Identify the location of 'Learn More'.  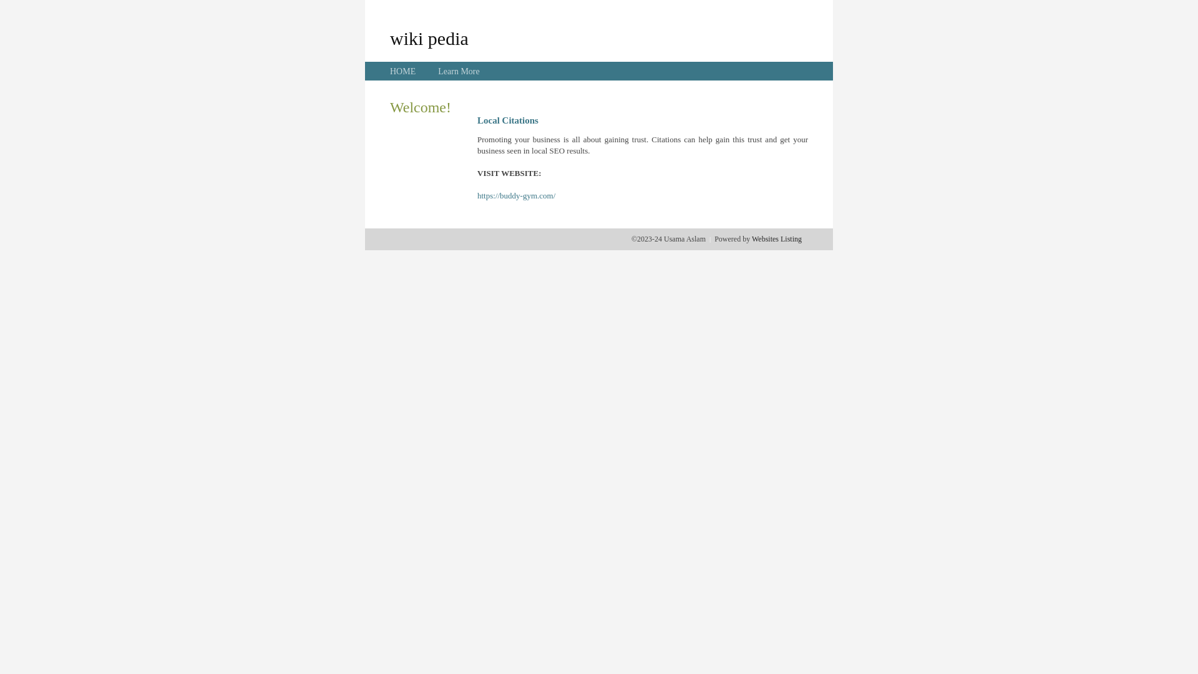
(457, 71).